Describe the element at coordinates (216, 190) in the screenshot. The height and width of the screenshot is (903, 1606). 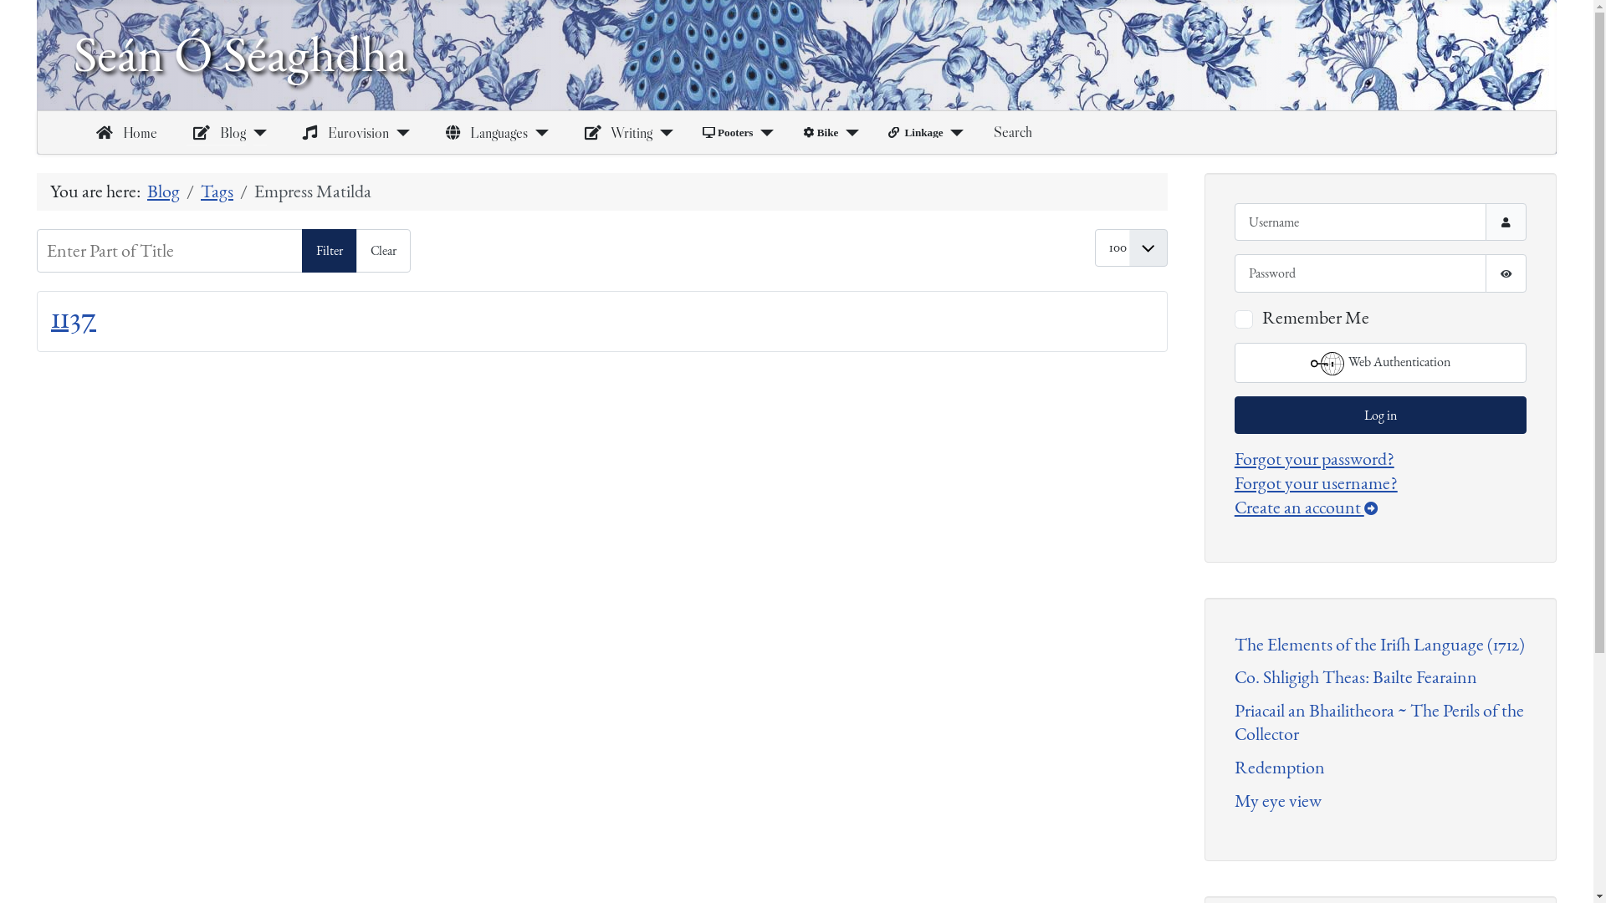
I see `'Tags'` at that location.